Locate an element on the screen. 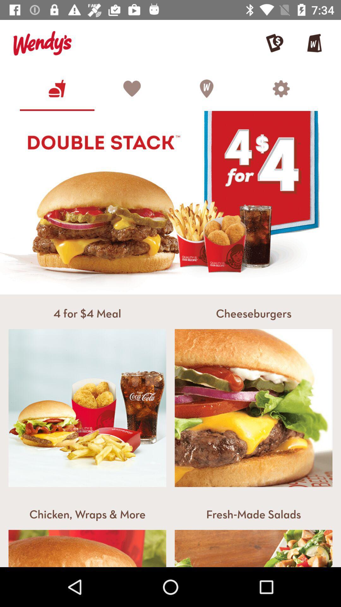 This screenshot has width=341, height=607. the symbol which is to the first left of the settings symbol is located at coordinates (206, 88).